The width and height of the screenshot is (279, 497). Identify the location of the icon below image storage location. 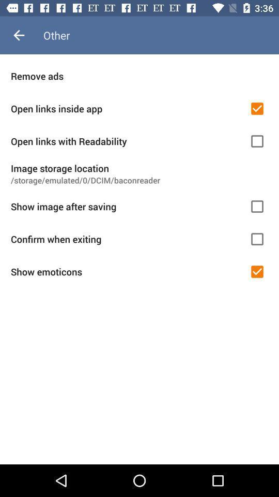
(139, 180).